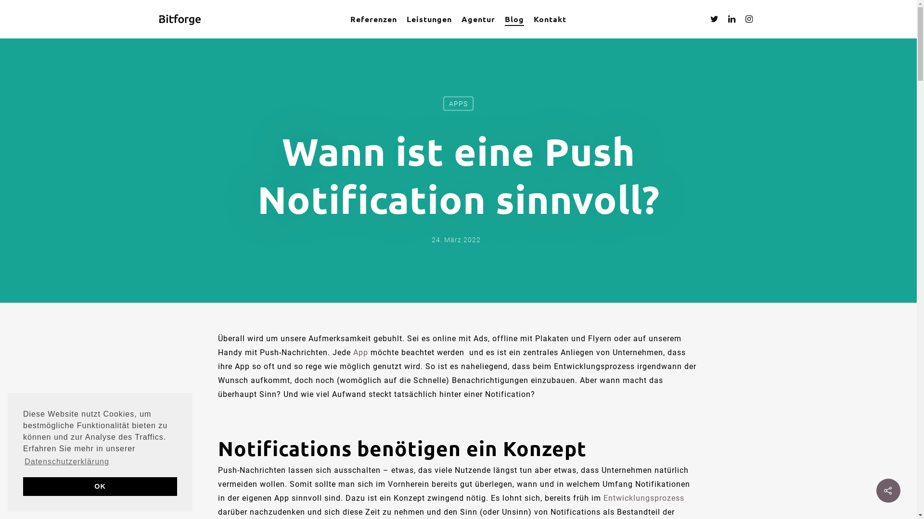 Image resolution: width=924 pixels, height=519 pixels. Describe the element at coordinates (644, 497) in the screenshot. I see `'Entwicklungsprozess'` at that location.